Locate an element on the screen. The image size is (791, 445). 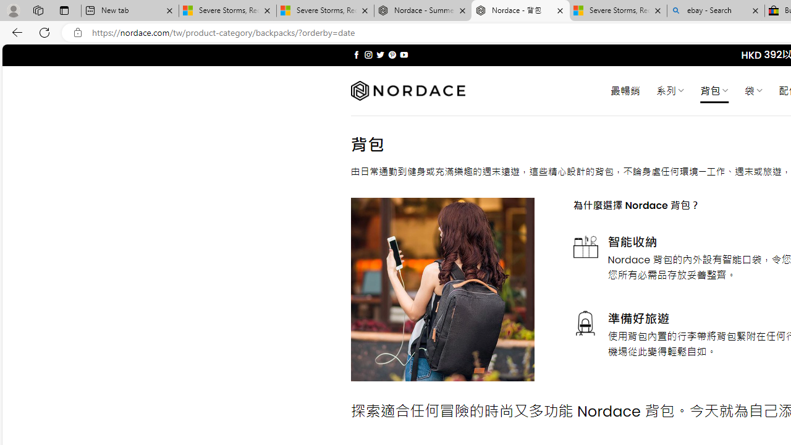
'New tab' is located at coordinates (130, 11).